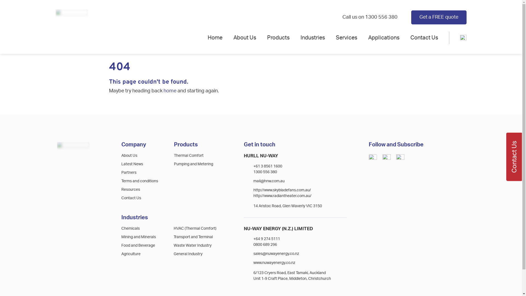 This screenshot has width=526, height=296. What do you see at coordinates (131, 254) in the screenshot?
I see `'Agriculture'` at bounding box center [131, 254].